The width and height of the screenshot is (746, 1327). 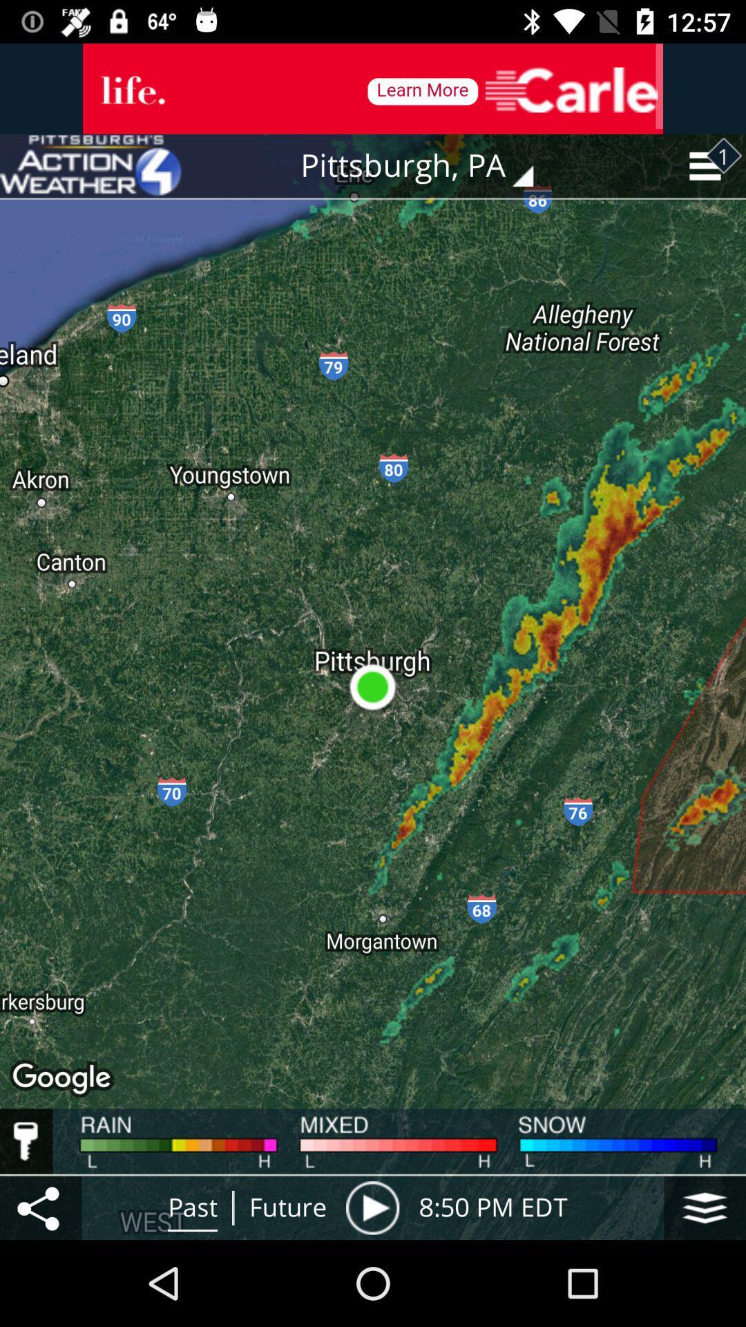 I want to click on play, so click(x=372, y=1207).